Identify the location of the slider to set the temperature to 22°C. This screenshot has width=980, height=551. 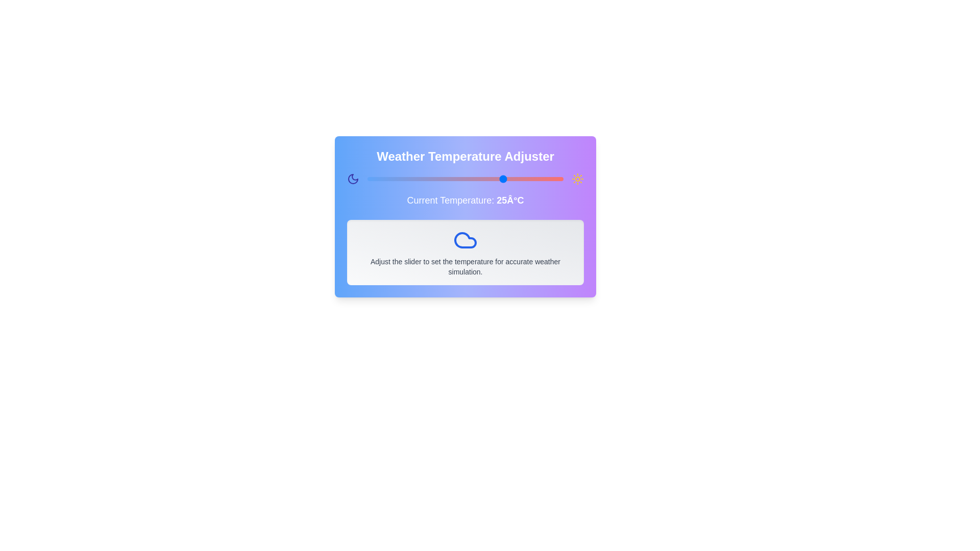
(493, 179).